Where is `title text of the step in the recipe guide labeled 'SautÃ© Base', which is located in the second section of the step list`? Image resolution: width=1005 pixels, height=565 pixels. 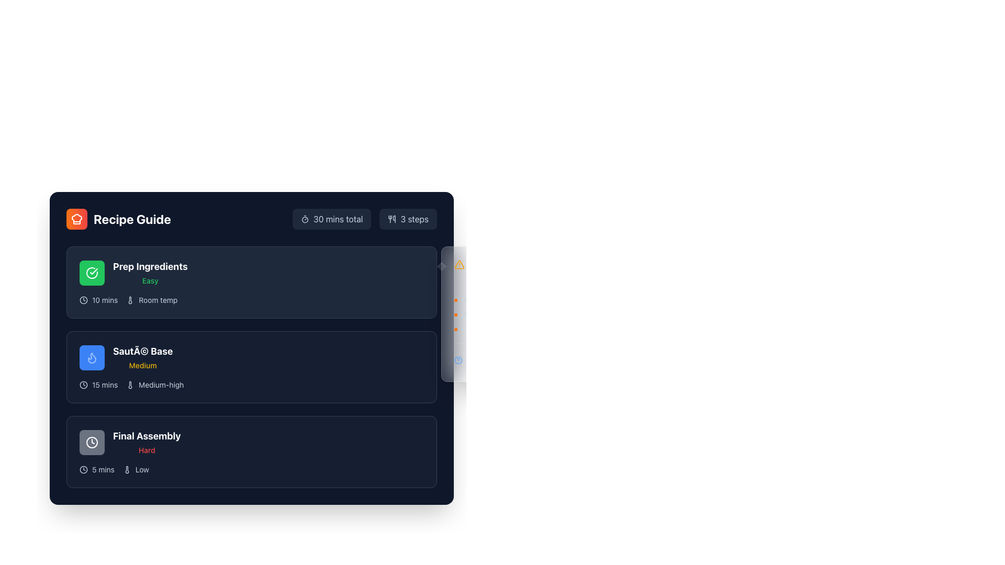 title text of the step in the recipe guide labeled 'SautÃ© Base', which is located in the second section of the step list is located at coordinates (142, 351).